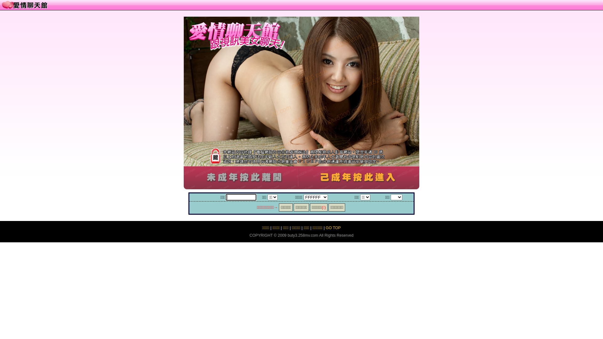 Image resolution: width=603 pixels, height=339 pixels. What do you see at coordinates (303, 235) in the screenshot?
I see `'buty3.258mv.com'` at bounding box center [303, 235].